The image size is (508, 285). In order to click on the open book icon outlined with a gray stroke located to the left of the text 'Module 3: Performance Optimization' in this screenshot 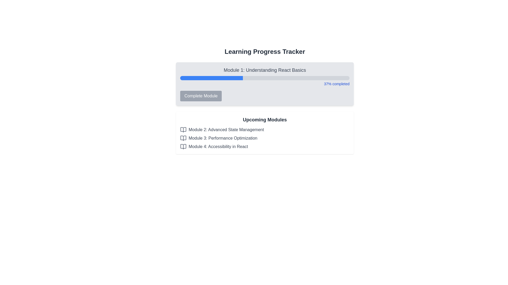, I will do `click(183, 138)`.